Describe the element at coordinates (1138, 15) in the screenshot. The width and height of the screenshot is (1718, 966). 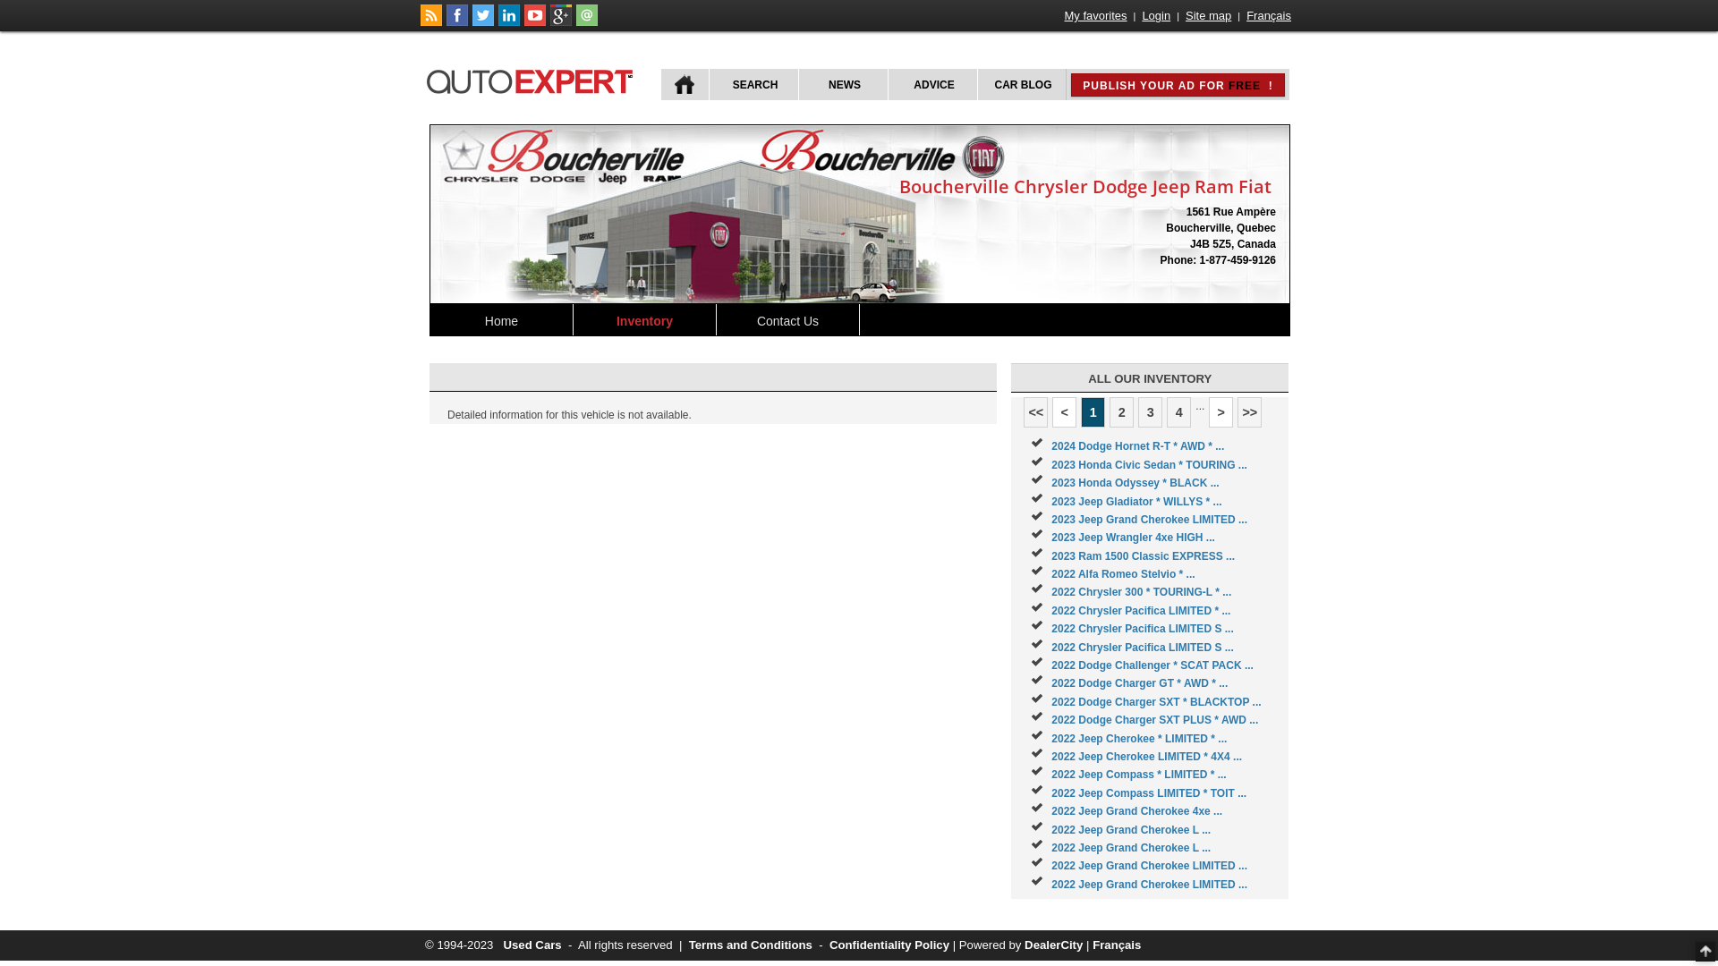
I see `'Login'` at that location.